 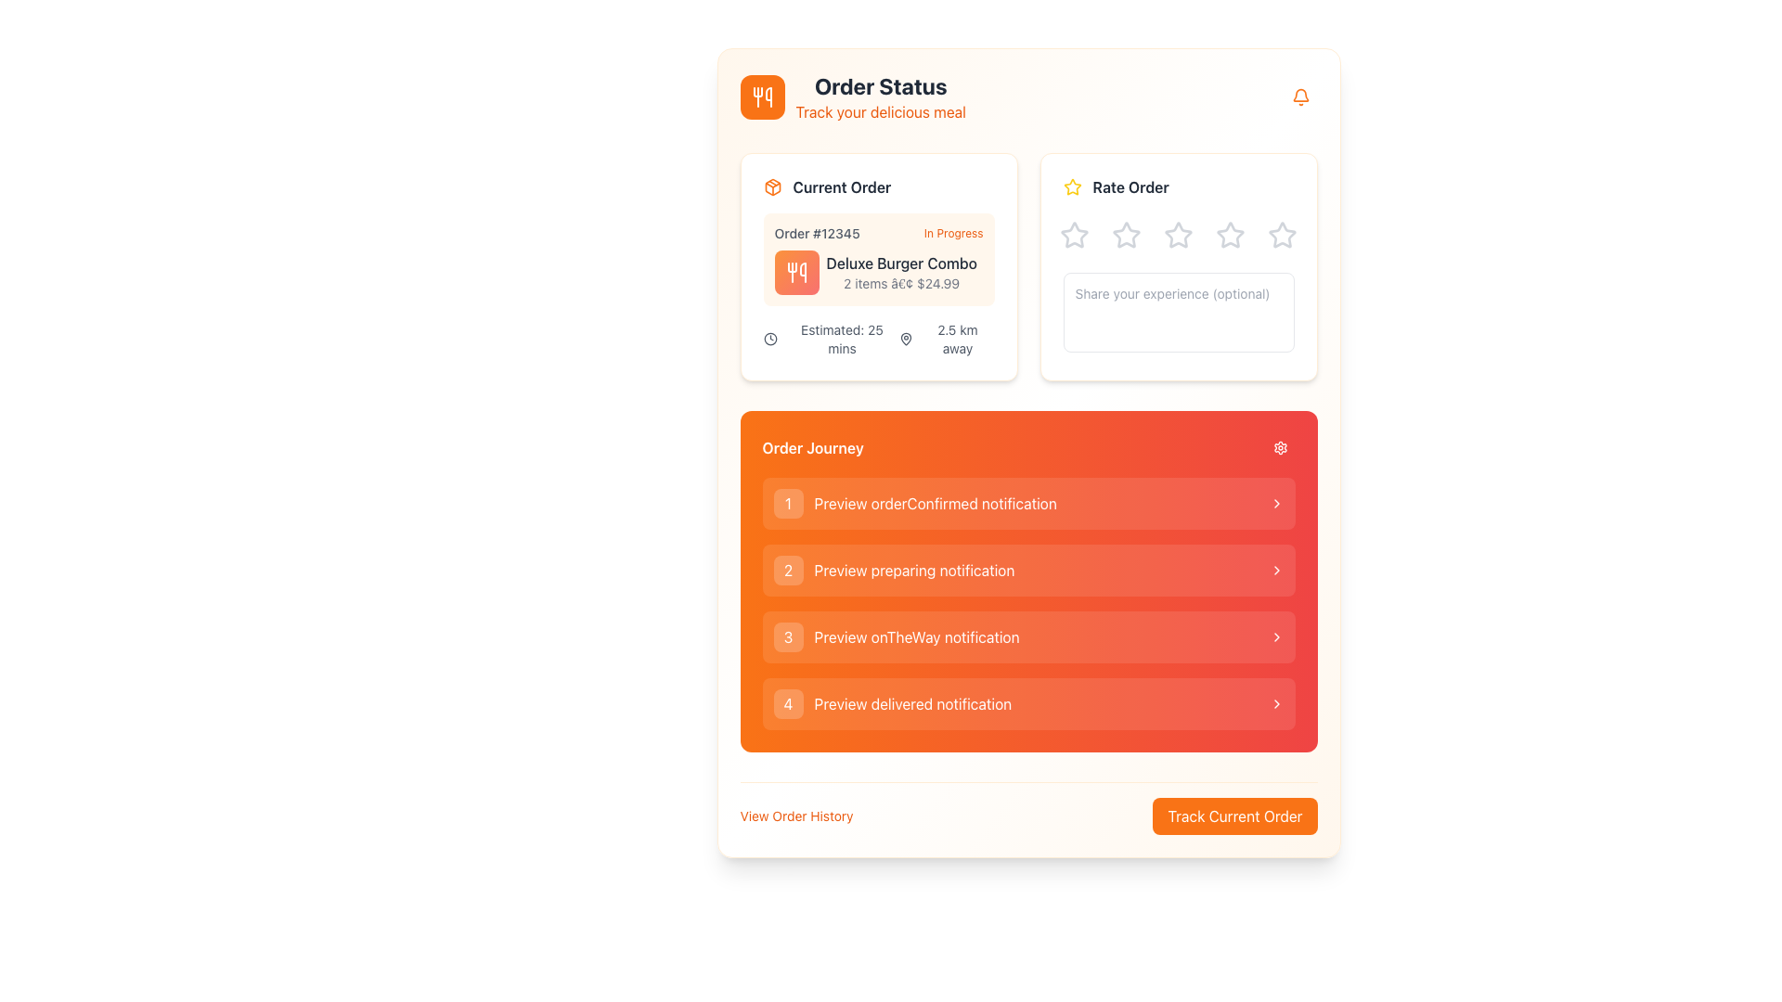 What do you see at coordinates (817, 232) in the screenshot?
I see `the 'Order #12345' text label, which displays the order number in gray color and is located within the 'Current Order' section to the left of 'In Progress'` at bounding box center [817, 232].